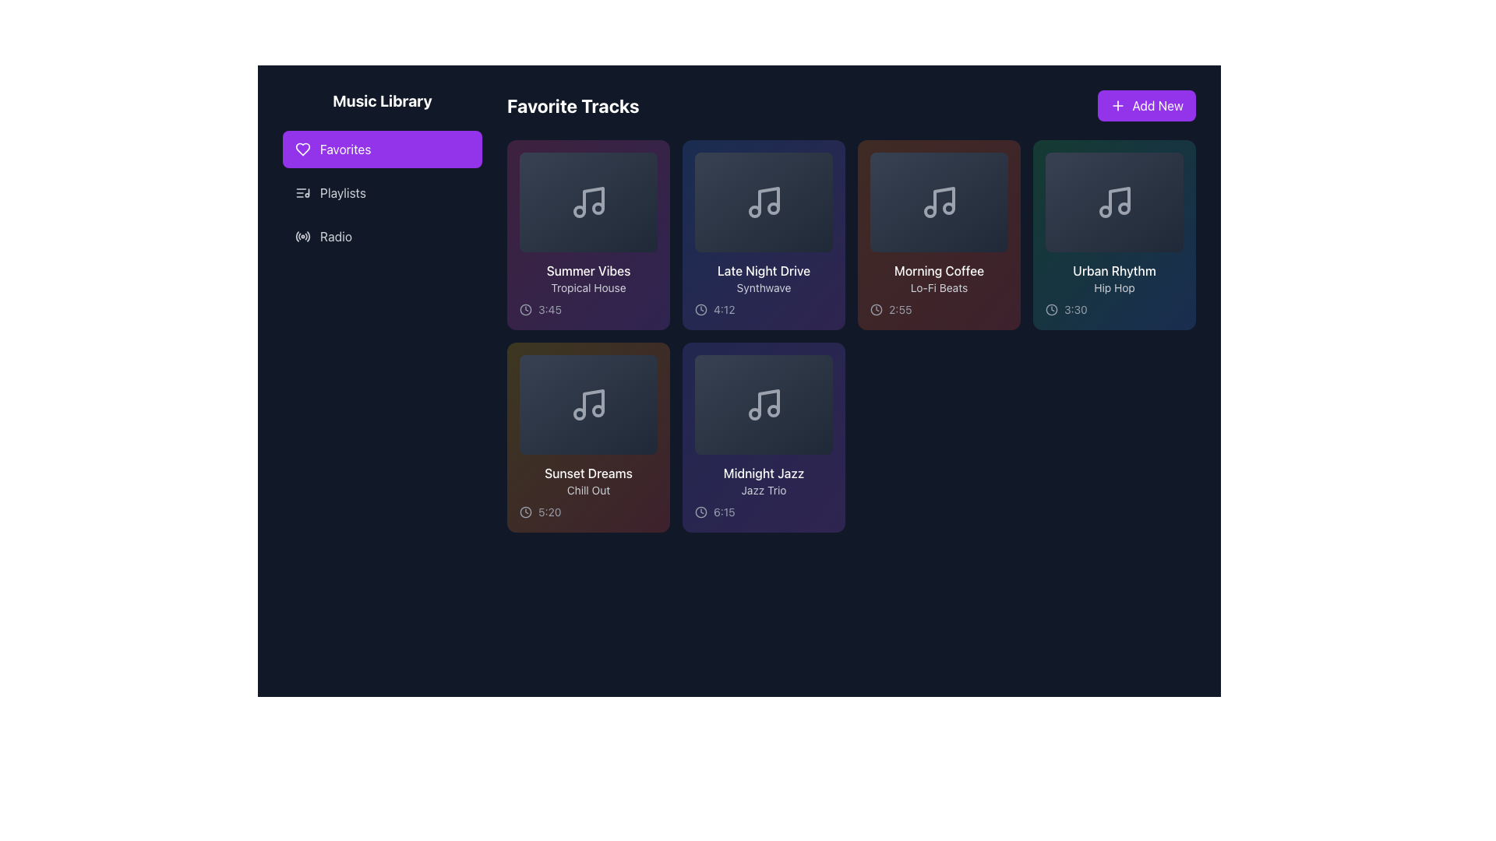 The width and height of the screenshot is (1496, 841). What do you see at coordinates (1174, 162) in the screenshot?
I see `the small play button with a 'play' symbol inside, located at the upper-right corner of the 'Urban Rhythm' music card in the 'Favorite Tracks' section` at bounding box center [1174, 162].